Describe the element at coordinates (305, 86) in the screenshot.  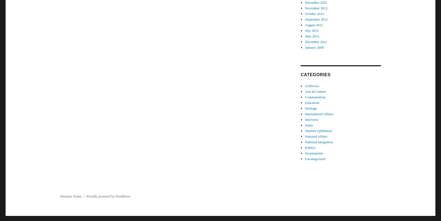
I see `'Achievers'` at that location.